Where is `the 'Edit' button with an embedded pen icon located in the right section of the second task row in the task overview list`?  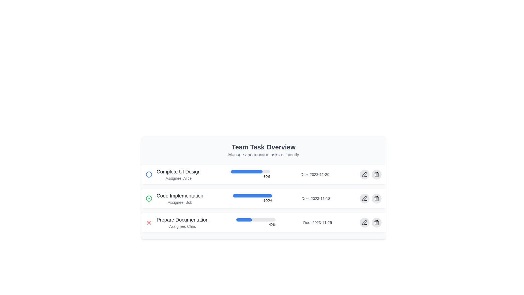
the 'Edit' button with an embedded pen icon located in the right section of the second task row in the task overview list is located at coordinates (364, 198).